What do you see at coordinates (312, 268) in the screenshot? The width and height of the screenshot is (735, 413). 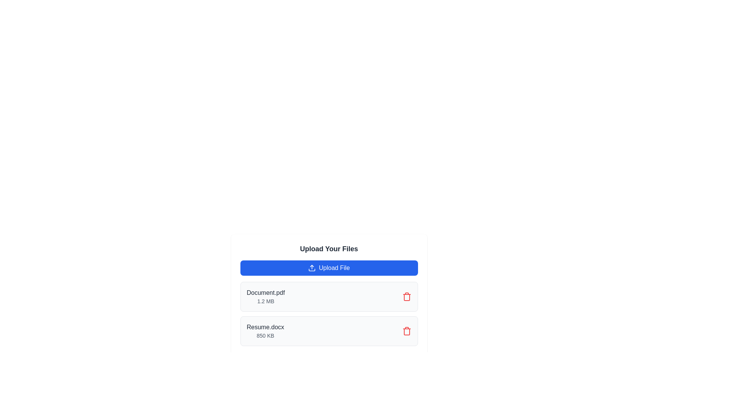 I see `the small upload icon, which is a stylized upload symbol with an upward arrow, located to the left of the 'Upload File' text within the button` at bounding box center [312, 268].